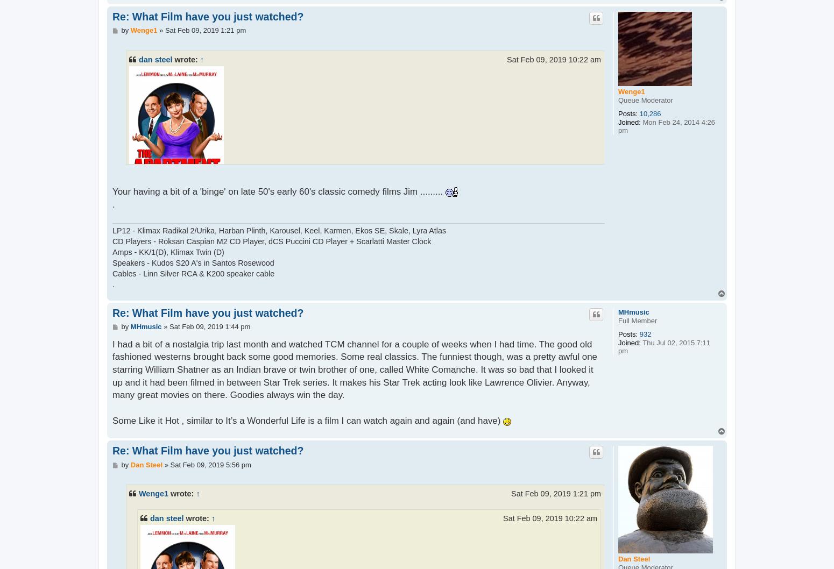 The width and height of the screenshot is (834, 569). What do you see at coordinates (307, 420) in the screenshot?
I see `'Some Like it Hot , similar to It’s a Wonderful Life is a film I can watch again and again (and have)'` at bounding box center [307, 420].